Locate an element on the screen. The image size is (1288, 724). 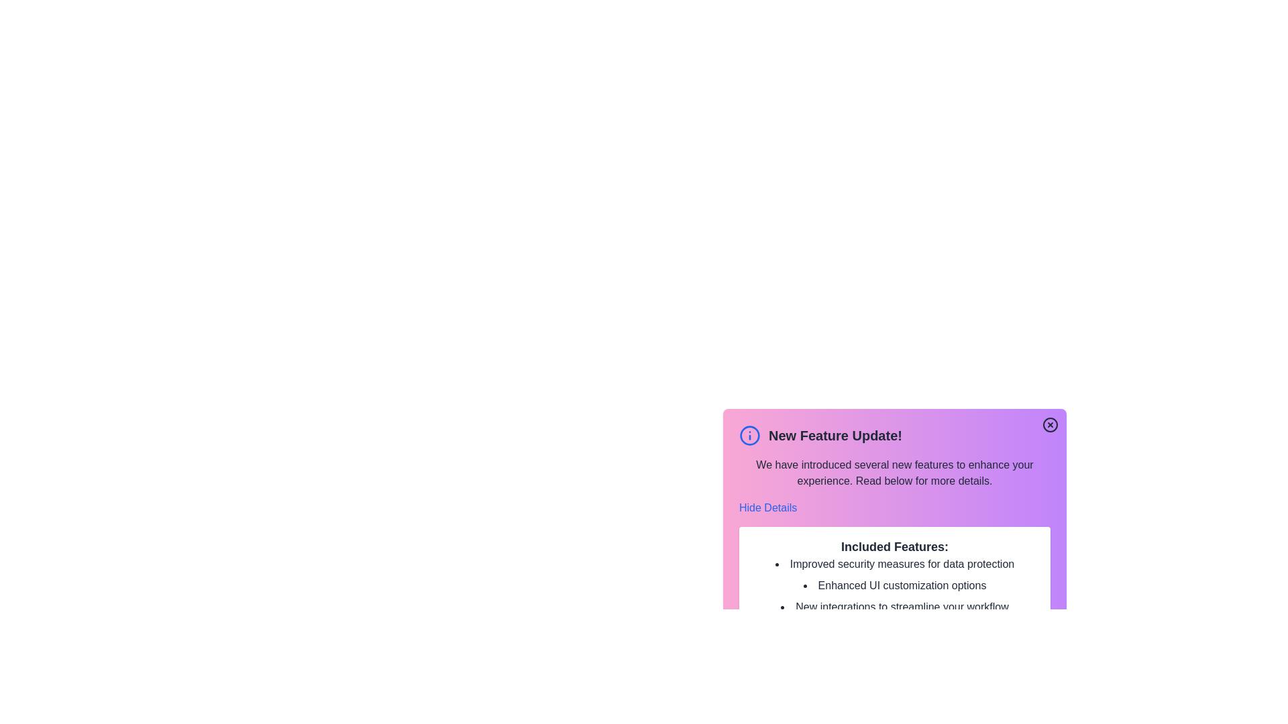
the 'Hide Details' button to toggle the visibility of the details section is located at coordinates (768, 508).